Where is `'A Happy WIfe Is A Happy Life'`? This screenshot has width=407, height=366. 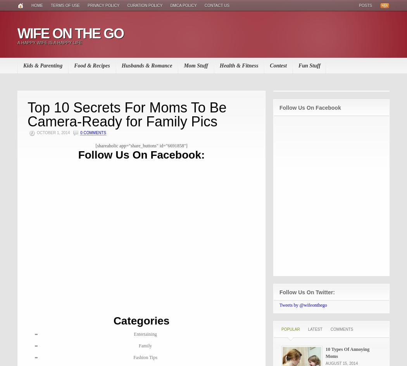 'A Happy WIfe Is A Happy Life' is located at coordinates (17, 42).